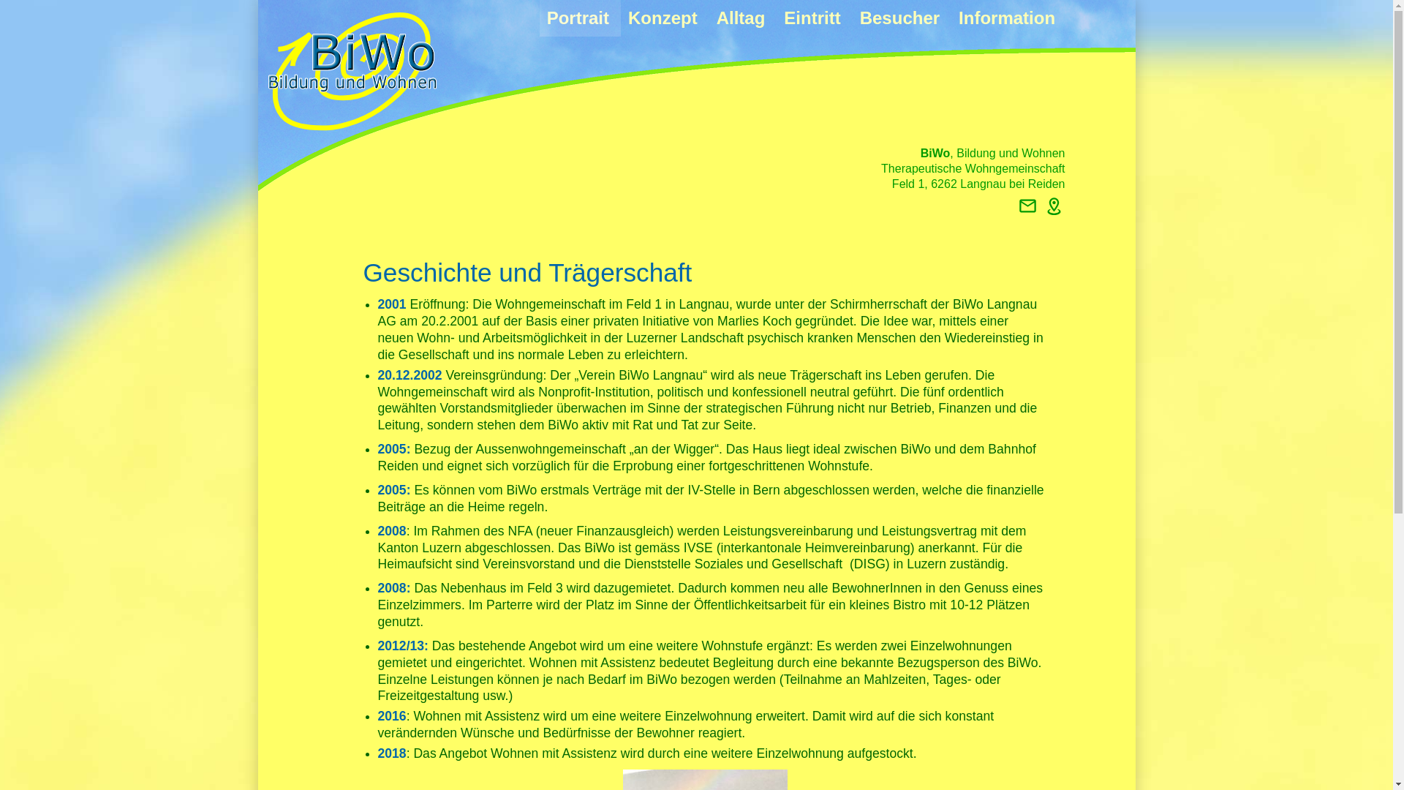 This screenshot has width=1404, height=790. Describe the element at coordinates (775, 18) in the screenshot. I see `'Eintritt'` at that location.